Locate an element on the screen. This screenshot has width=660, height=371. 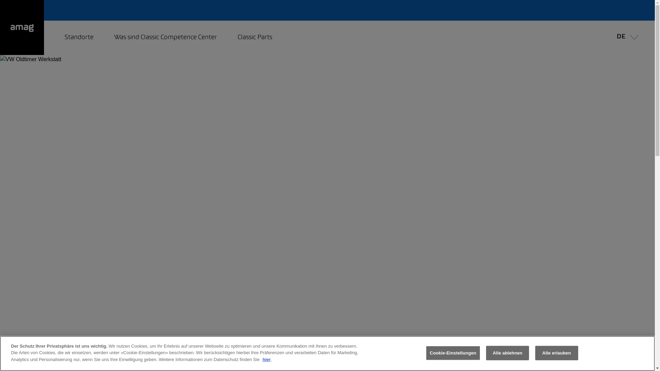
'Standorte' is located at coordinates (79, 38).